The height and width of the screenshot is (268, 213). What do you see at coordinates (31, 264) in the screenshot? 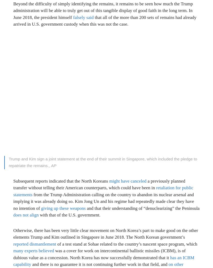
I see `'and there is no guarantee it is not continuing further work in that field, and'` at bounding box center [31, 264].